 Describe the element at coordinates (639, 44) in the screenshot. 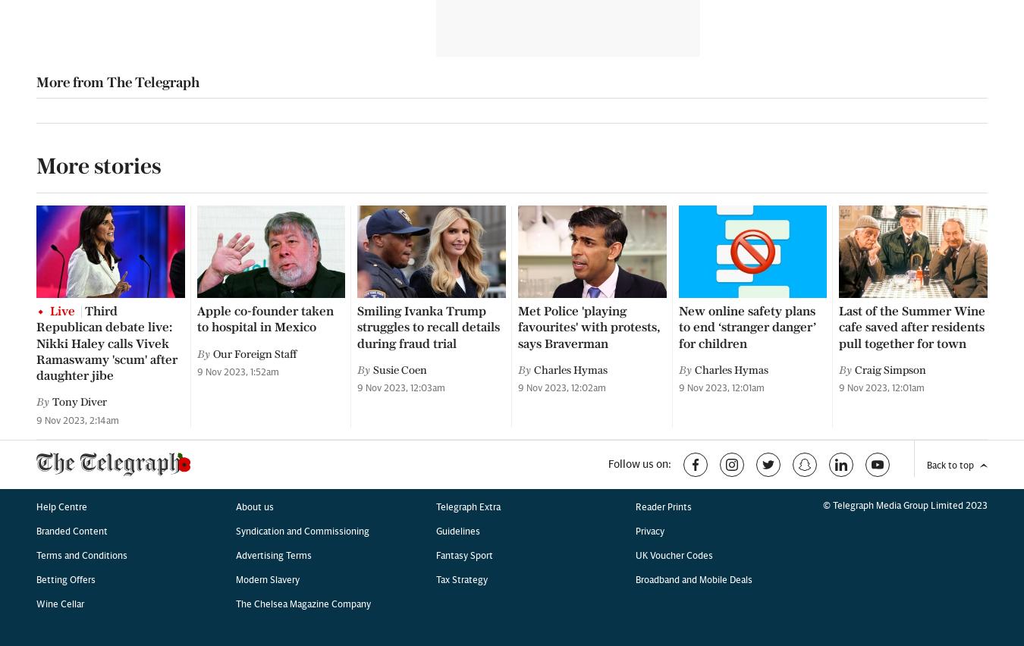

I see `'Follow us on:'` at that location.